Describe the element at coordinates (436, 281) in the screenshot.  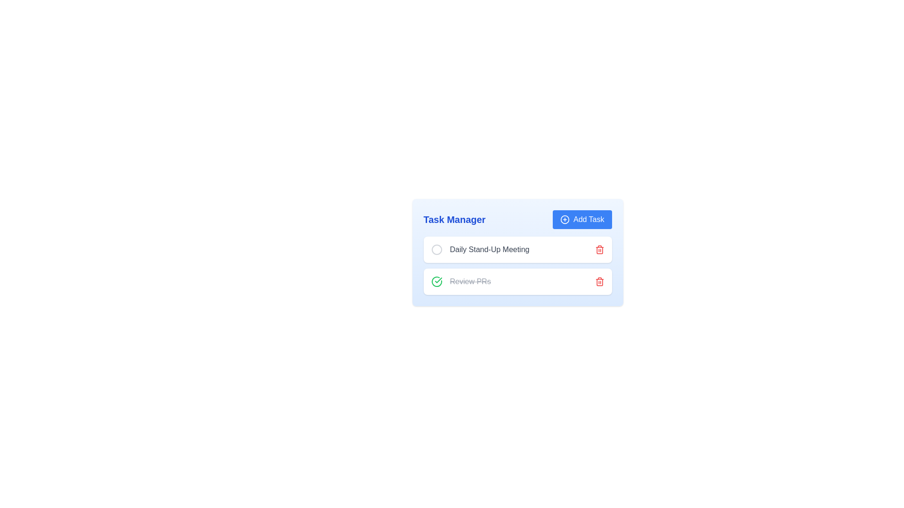
I see `the completed item icon located within the second task bar under the 'Task Manager' title, specifically on the left-hand side of the 'Review PRs' task` at that location.